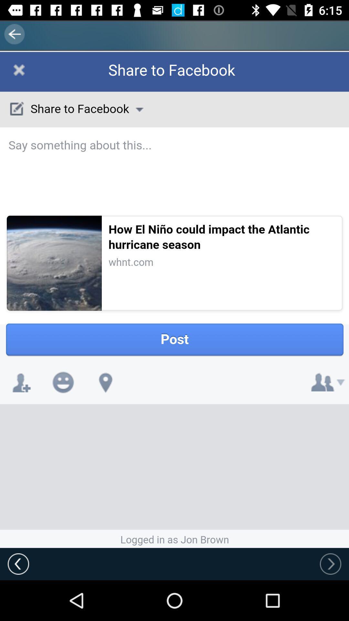 The height and width of the screenshot is (621, 349). Describe the element at coordinates (18, 34) in the screenshot. I see `the arrow_backward icon` at that location.